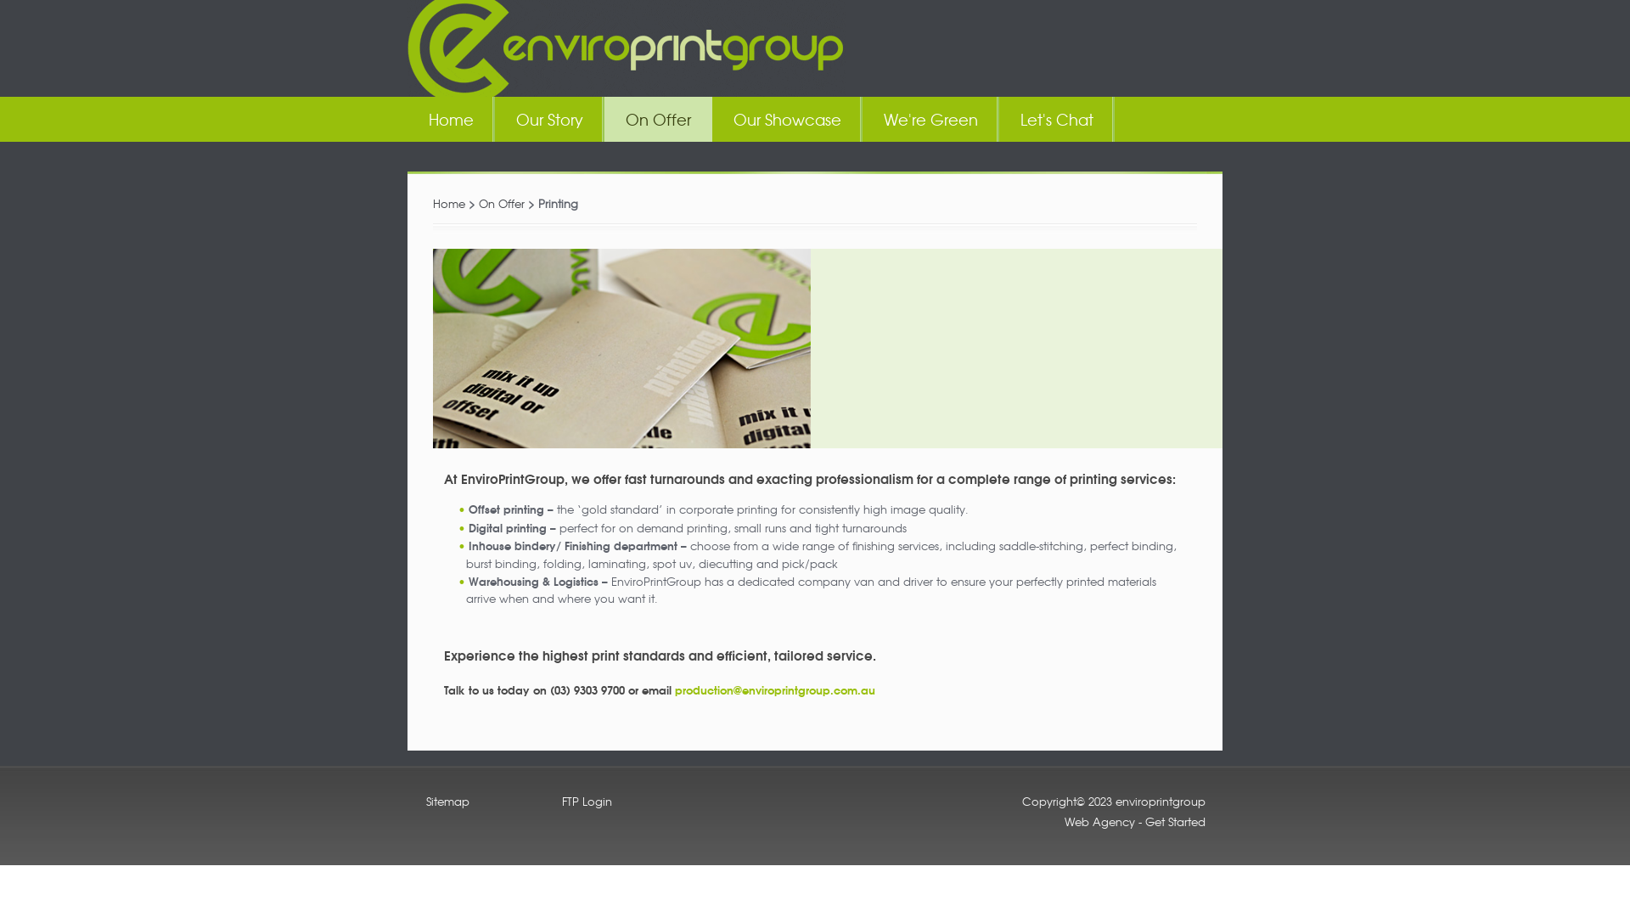  I want to click on 'Get Started', so click(1174, 820).